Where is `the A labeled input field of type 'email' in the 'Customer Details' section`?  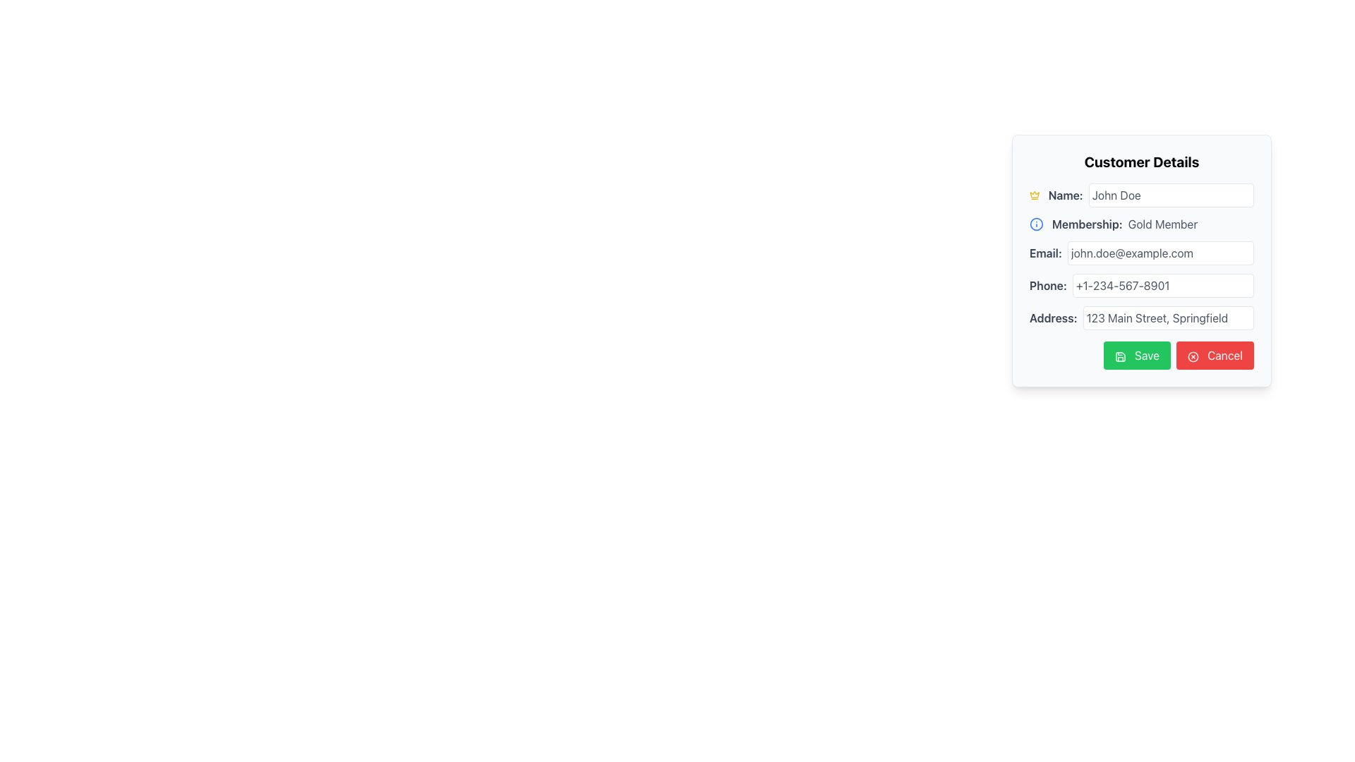 the A labeled input field of type 'email' in the 'Customer Details' section is located at coordinates (1141, 252).